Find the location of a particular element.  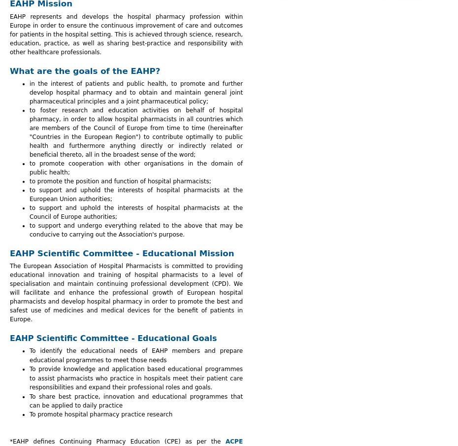

'What are the goals of the EAHP?' is located at coordinates (84, 70).